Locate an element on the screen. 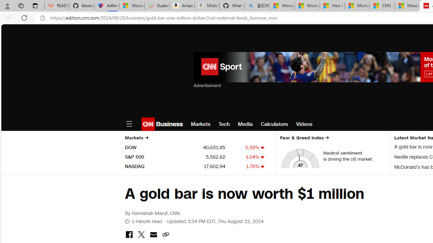  'Class: right-arrow' is located at coordinates (327, 137).